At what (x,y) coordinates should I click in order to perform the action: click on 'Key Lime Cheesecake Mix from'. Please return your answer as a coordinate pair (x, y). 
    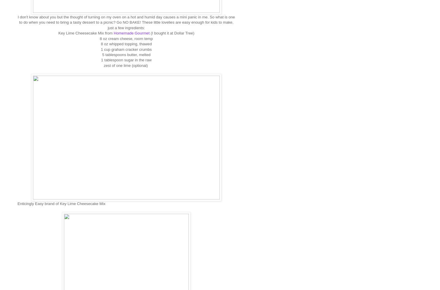
    Looking at the image, I should click on (85, 33).